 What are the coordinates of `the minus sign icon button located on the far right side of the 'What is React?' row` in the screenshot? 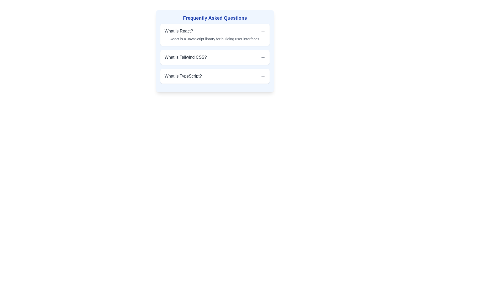 It's located at (263, 31).